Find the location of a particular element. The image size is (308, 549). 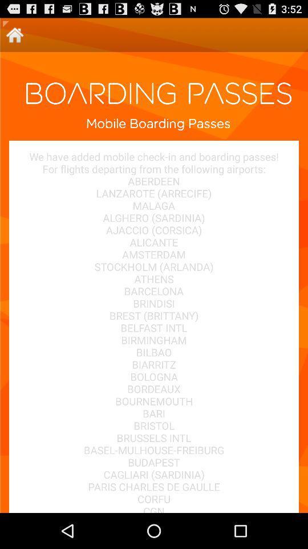

go home is located at coordinates (14, 35).